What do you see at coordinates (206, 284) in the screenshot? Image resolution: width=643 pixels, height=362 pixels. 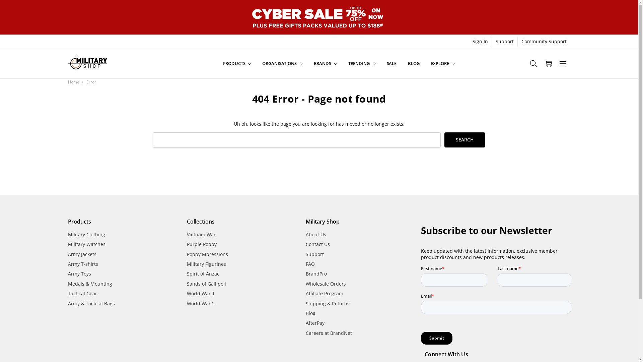 I see `'Sands of Gallipoli'` at bounding box center [206, 284].